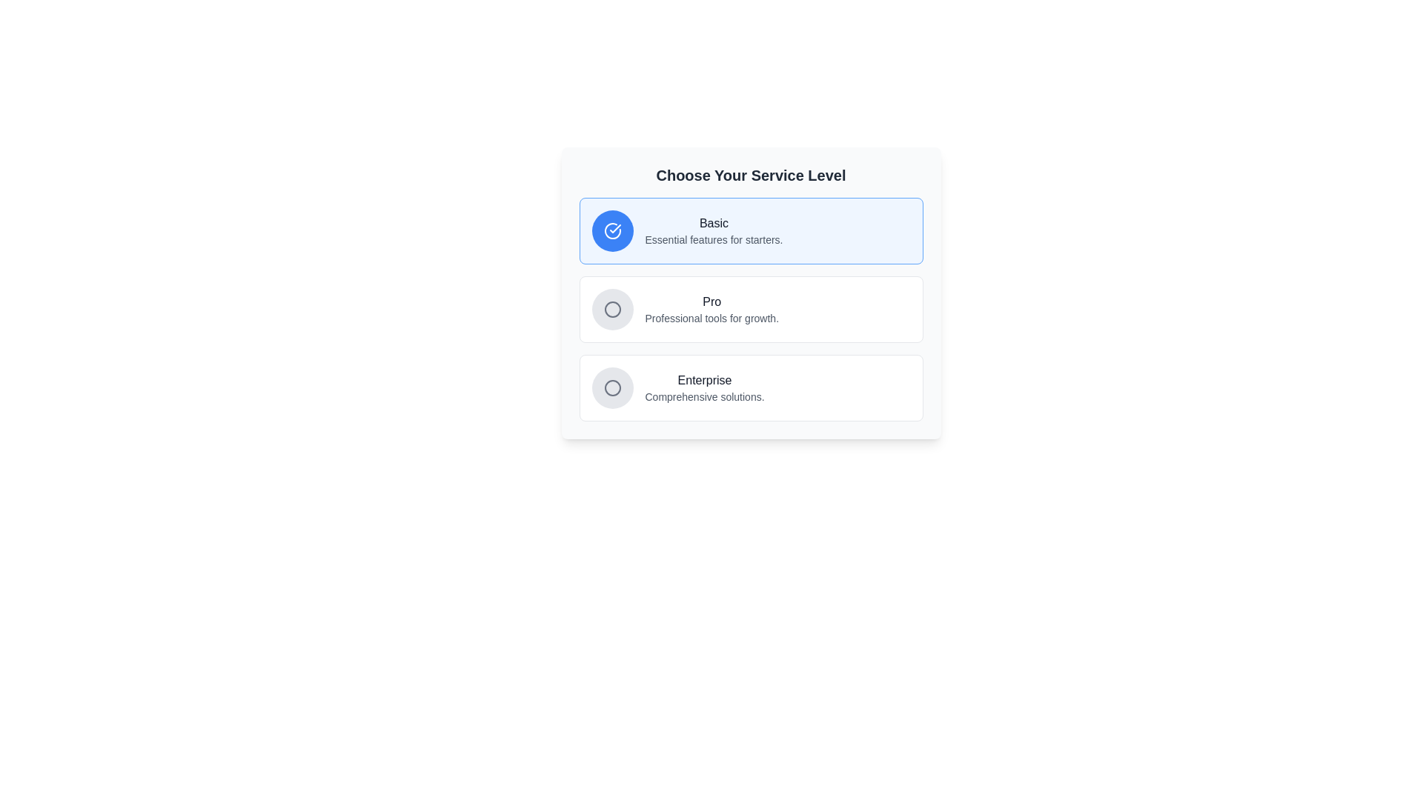  Describe the element at coordinates (751, 308) in the screenshot. I see `the 'Pro' selectable card option which is the second choice in the vertical list, featuring a circular icon and bold text saying 'Pro'` at that location.